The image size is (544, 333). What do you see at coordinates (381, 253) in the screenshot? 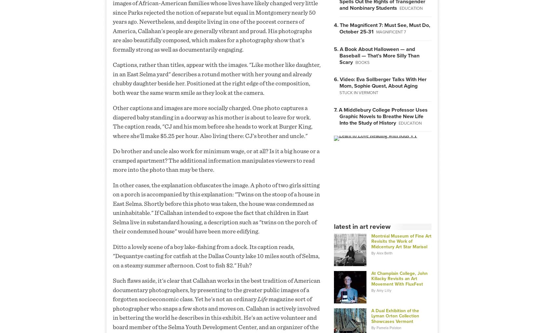
I see `'By Alex Belth'` at bounding box center [381, 253].